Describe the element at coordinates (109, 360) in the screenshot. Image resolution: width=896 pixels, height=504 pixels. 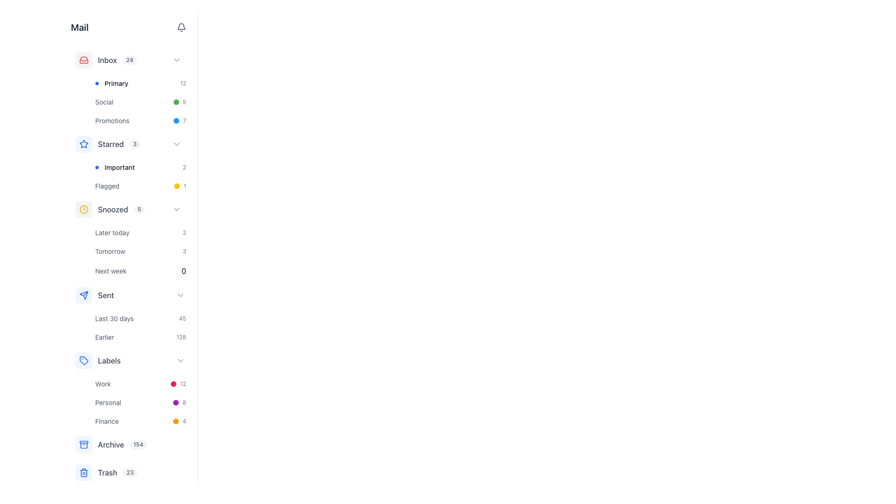
I see `the 'Labels' text option located in the vertical list of navigation below 'Sent' and above 'Archive', which features a blue tag icon` at that location.